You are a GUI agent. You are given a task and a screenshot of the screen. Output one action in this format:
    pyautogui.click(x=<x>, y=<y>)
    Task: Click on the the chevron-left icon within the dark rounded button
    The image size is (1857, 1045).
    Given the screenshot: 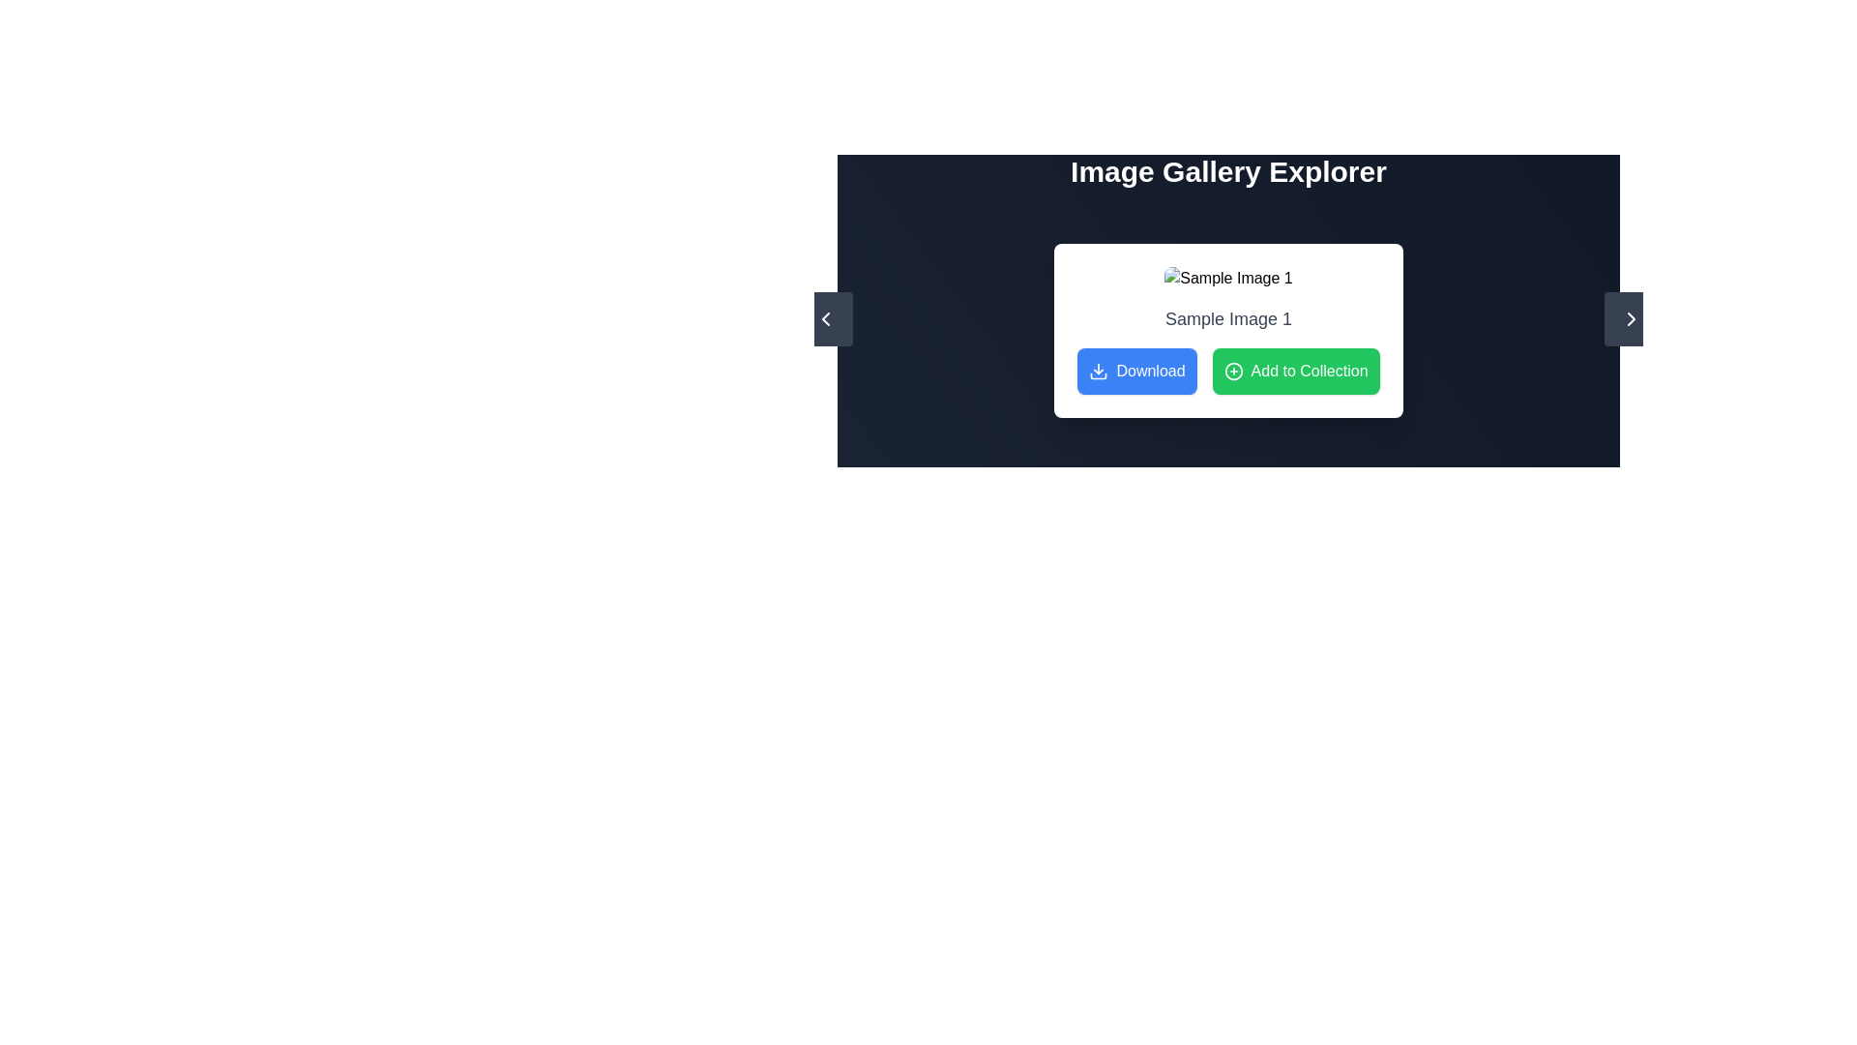 What is the action you would take?
    pyautogui.click(x=826, y=318)
    